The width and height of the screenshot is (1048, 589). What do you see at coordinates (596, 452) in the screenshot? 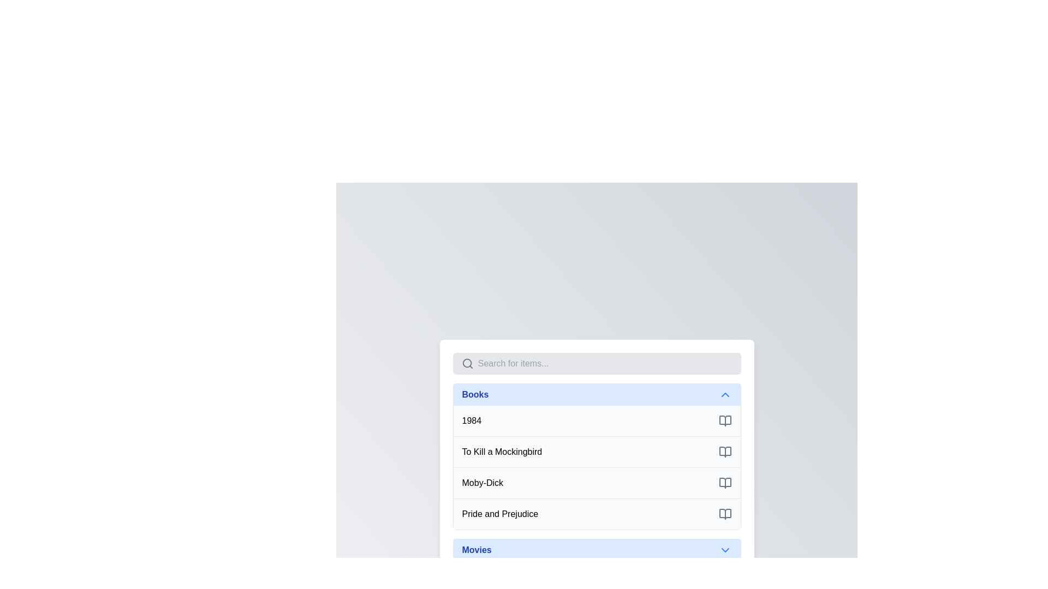
I see `the second list item in the 'Books' section, which represents the book 'To Kill a Mockingbird'` at bounding box center [596, 452].